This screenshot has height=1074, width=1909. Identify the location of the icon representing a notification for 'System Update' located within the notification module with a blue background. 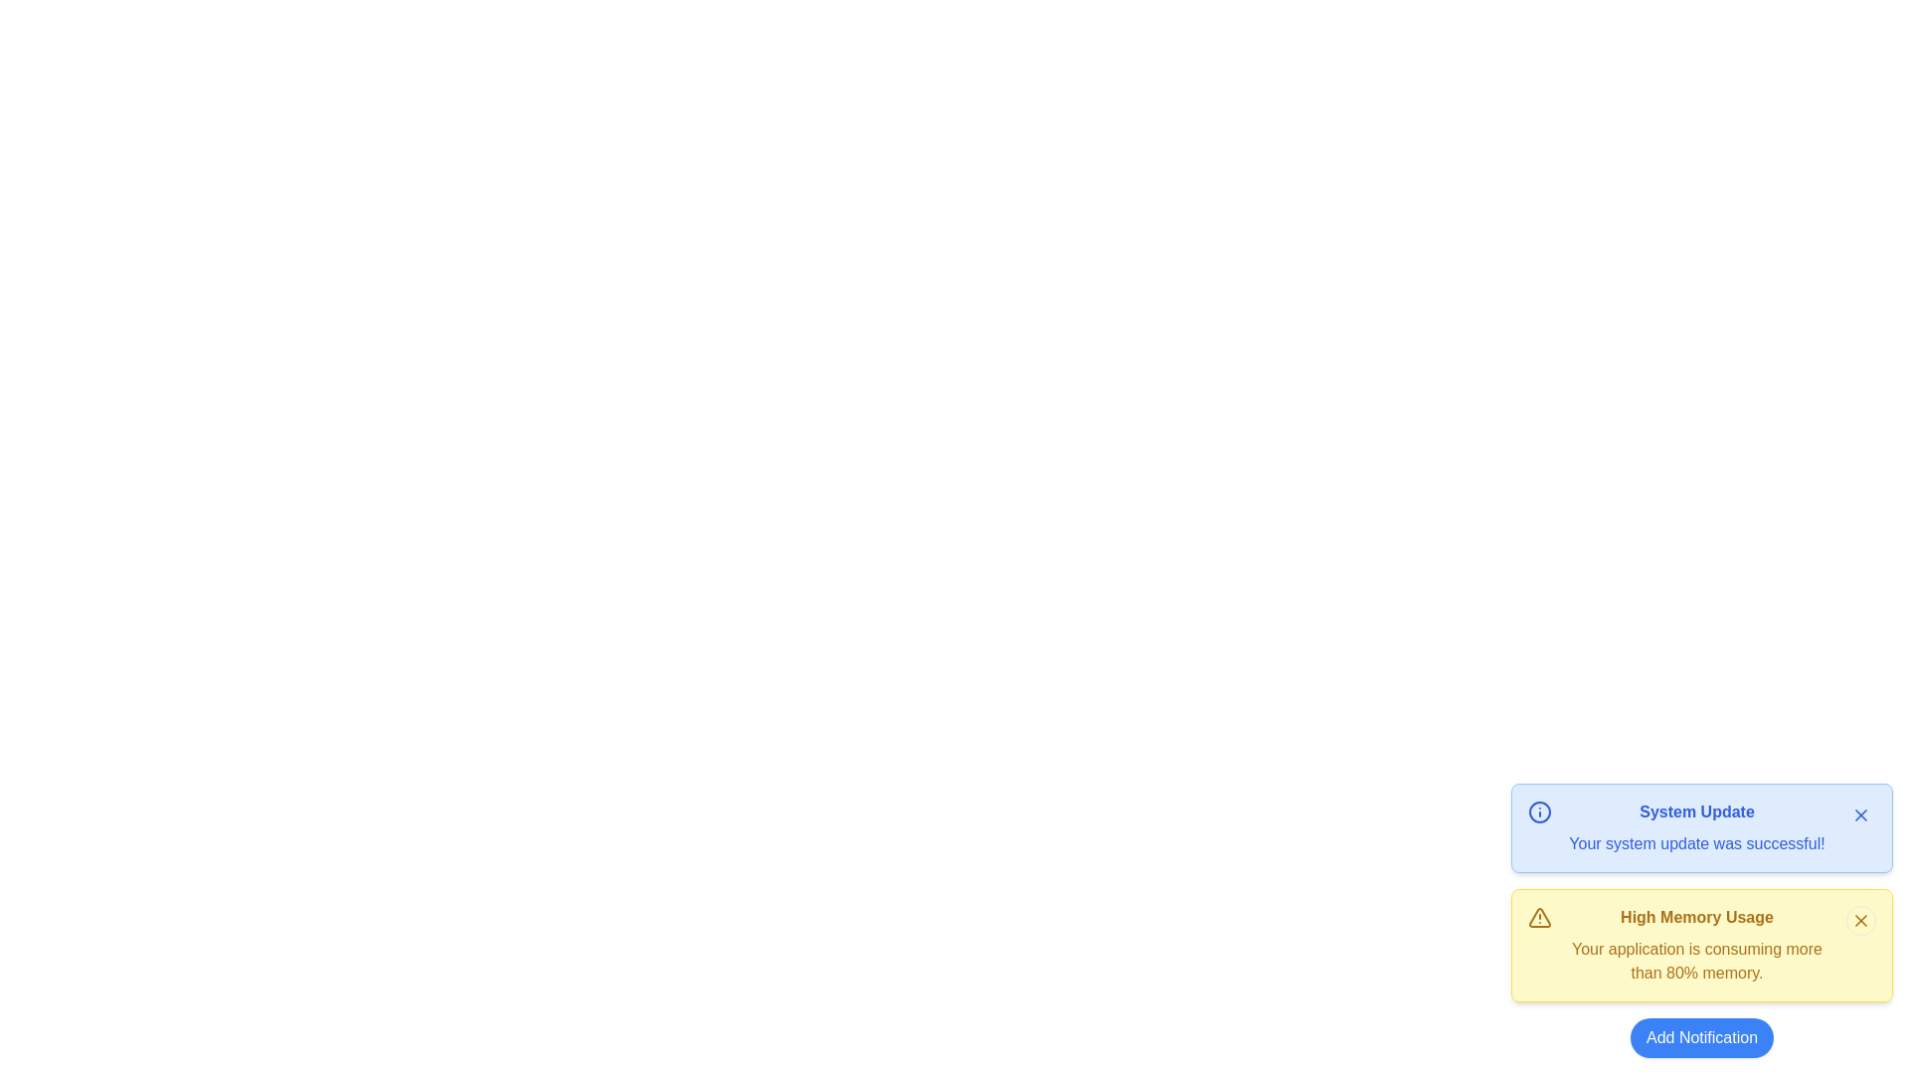
(1539, 812).